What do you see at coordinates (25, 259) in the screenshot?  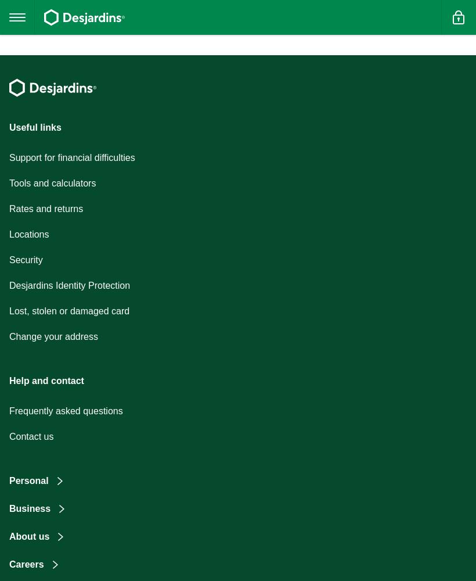 I see `'Security'` at bounding box center [25, 259].